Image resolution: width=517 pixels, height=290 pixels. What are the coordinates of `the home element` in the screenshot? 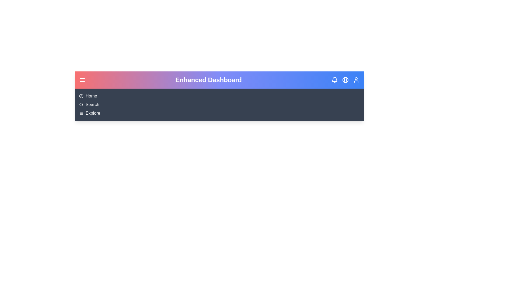 It's located at (91, 96).